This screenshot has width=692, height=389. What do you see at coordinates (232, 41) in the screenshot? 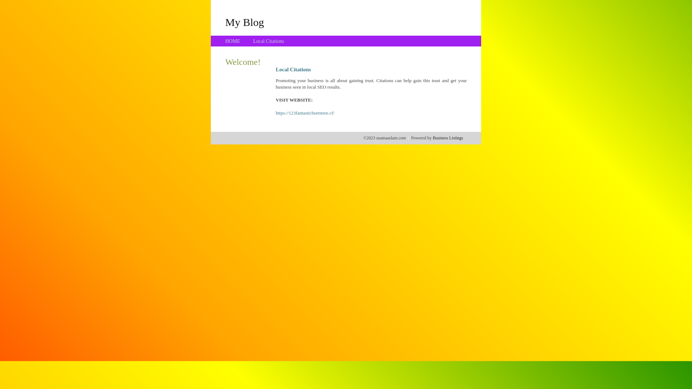
I see `'HOME'` at bounding box center [232, 41].